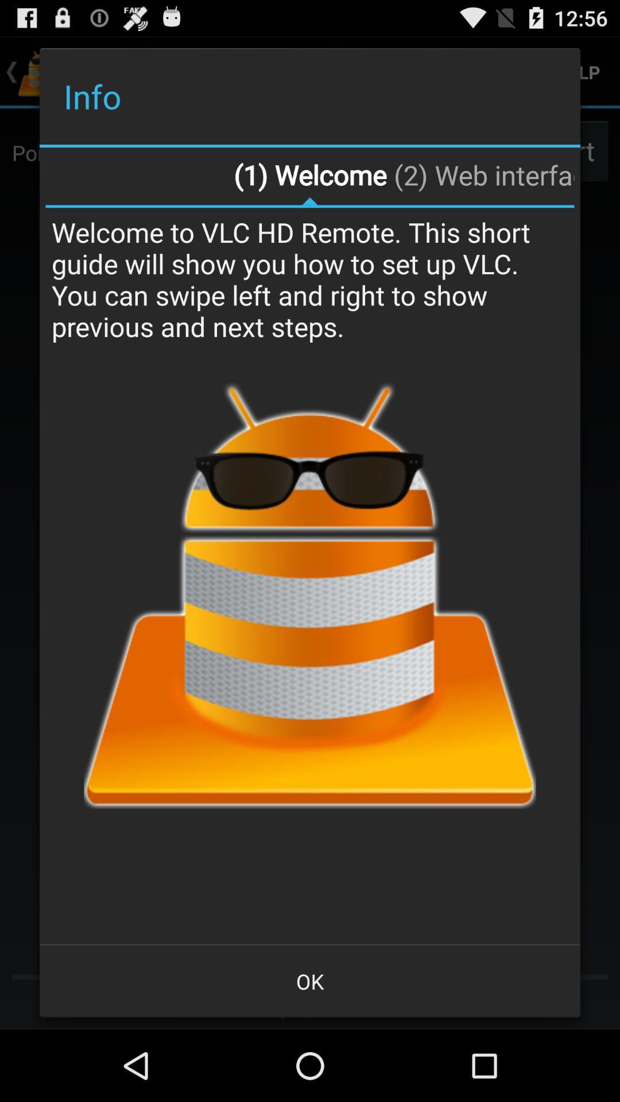  Describe the element at coordinates (310, 980) in the screenshot. I see `button at the bottom` at that location.